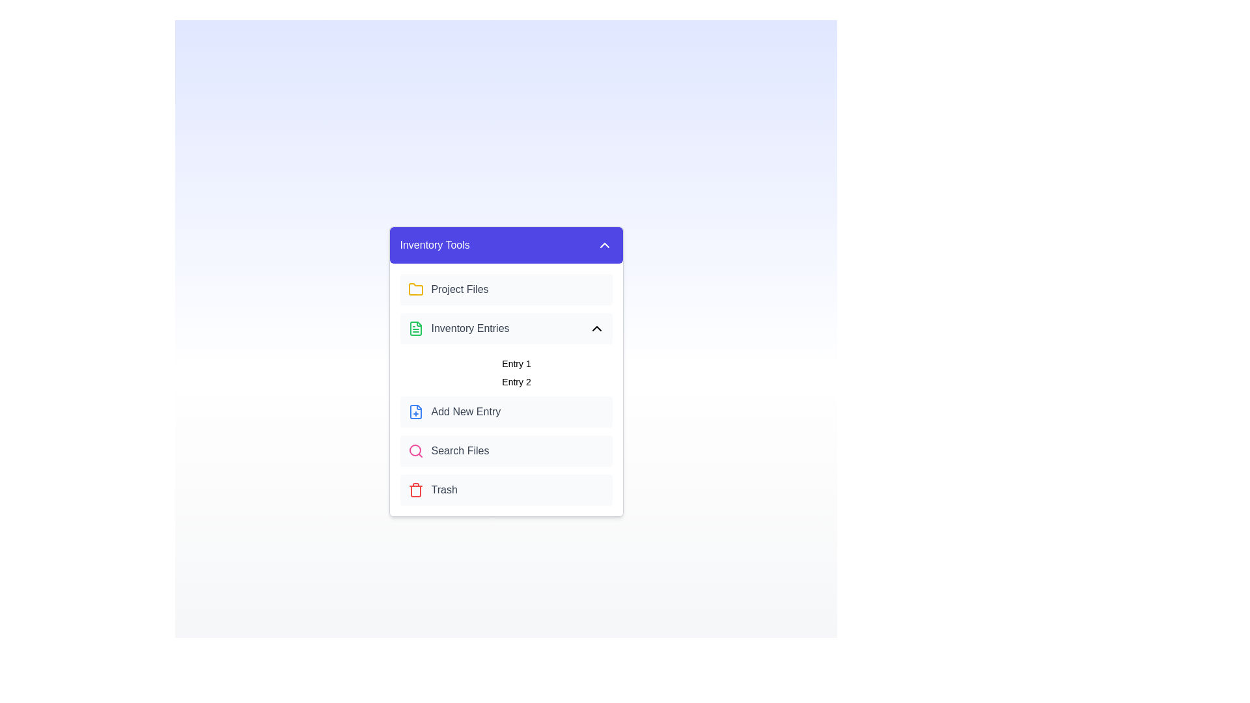  What do you see at coordinates (465, 411) in the screenshot?
I see `the text label that serves as an action trigger for adding a new entry in the inventory application, located under the 'Inventory Entries' section and above 'Search Files'` at bounding box center [465, 411].